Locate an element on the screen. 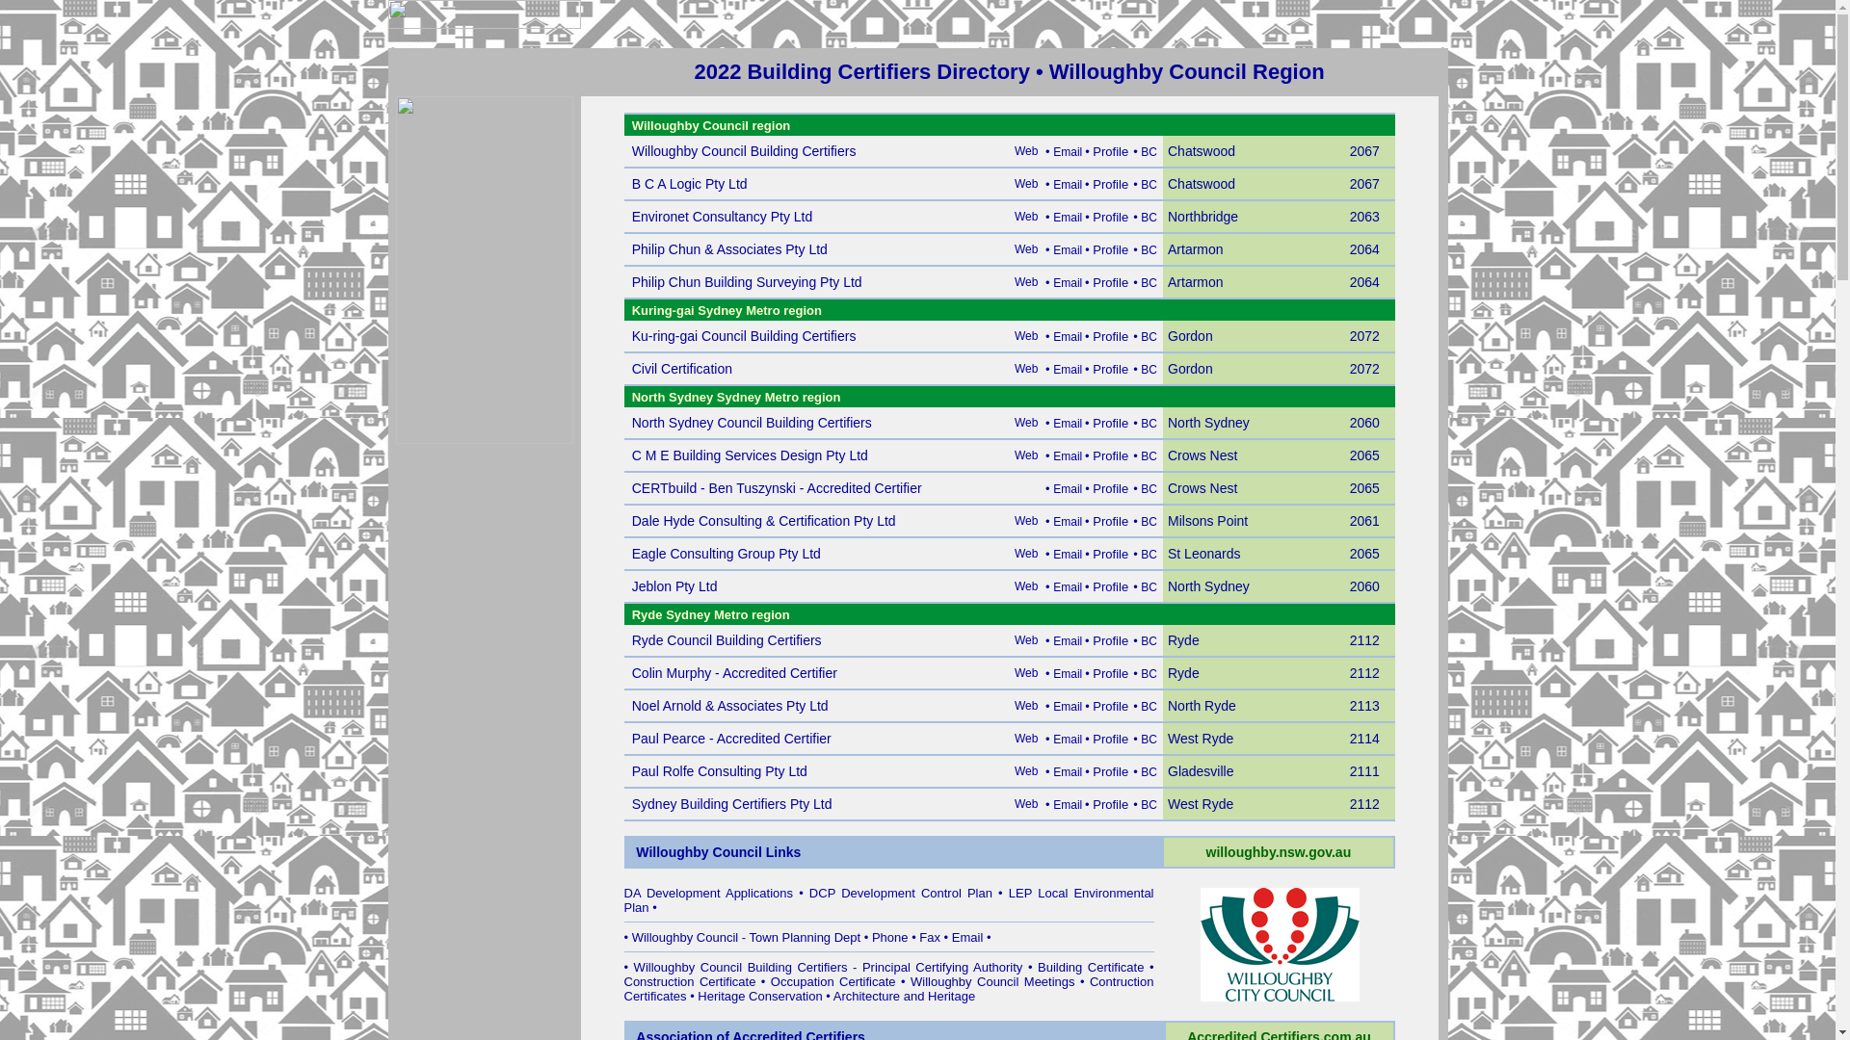  'DA Development Applications' is located at coordinates (707, 893).